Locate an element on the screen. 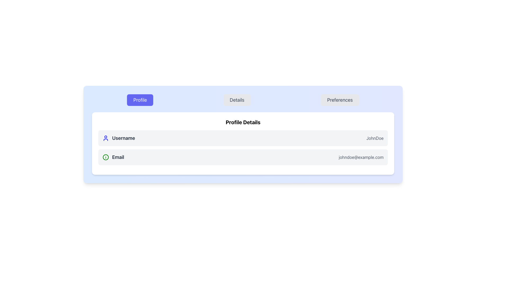  the navigation button that directs the user to the 'Preferences' section, located in the upper-right section of the interface is located at coordinates (340, 100).